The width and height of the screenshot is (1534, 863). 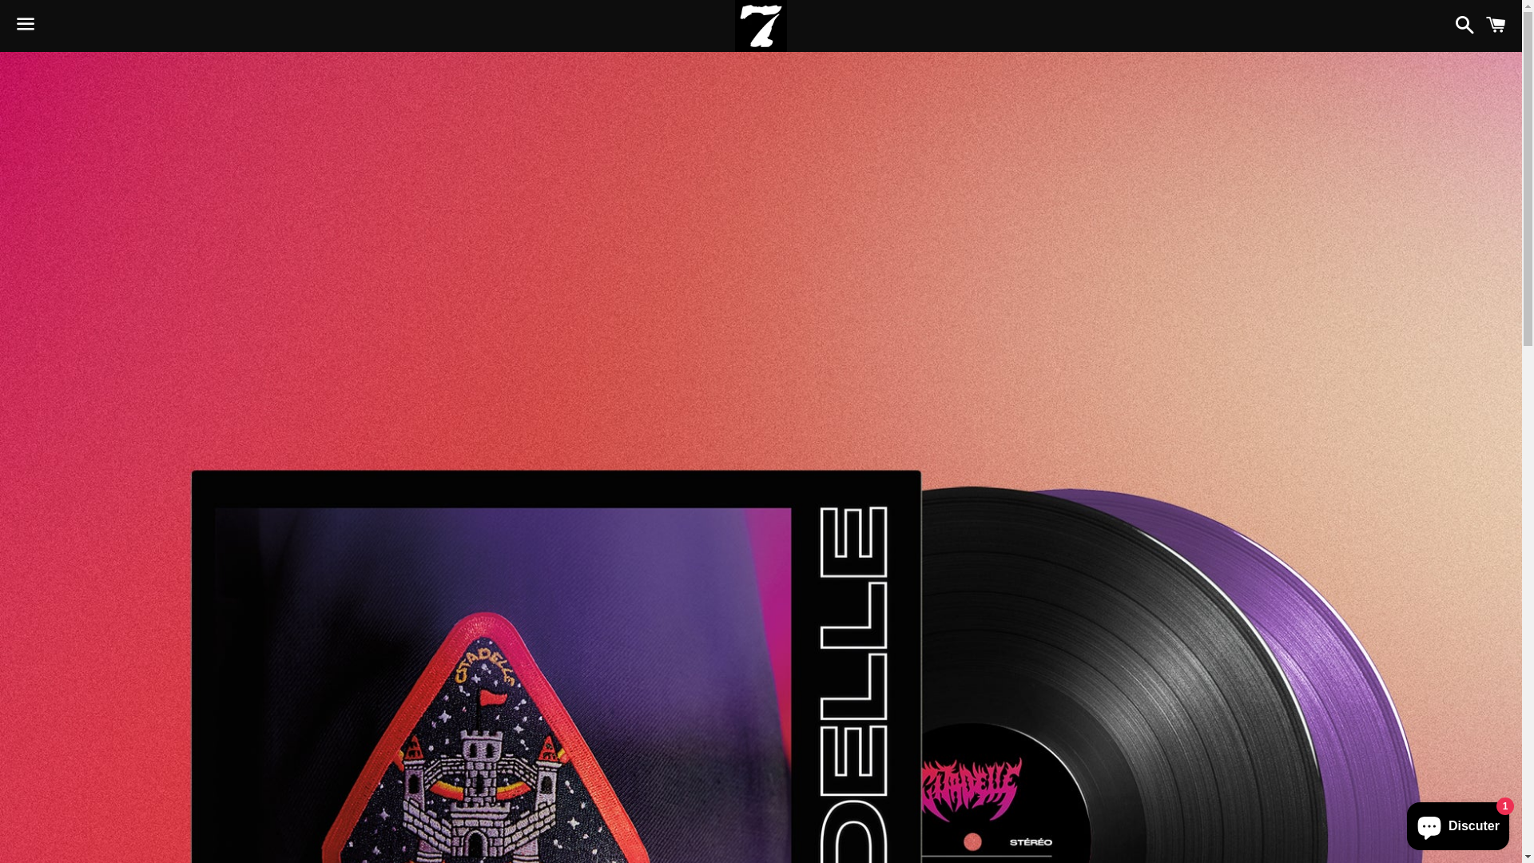 What do you see at coordinates (7, 26) in the screenshot?
I see `'Menu'` at bounding box center [7, 26].